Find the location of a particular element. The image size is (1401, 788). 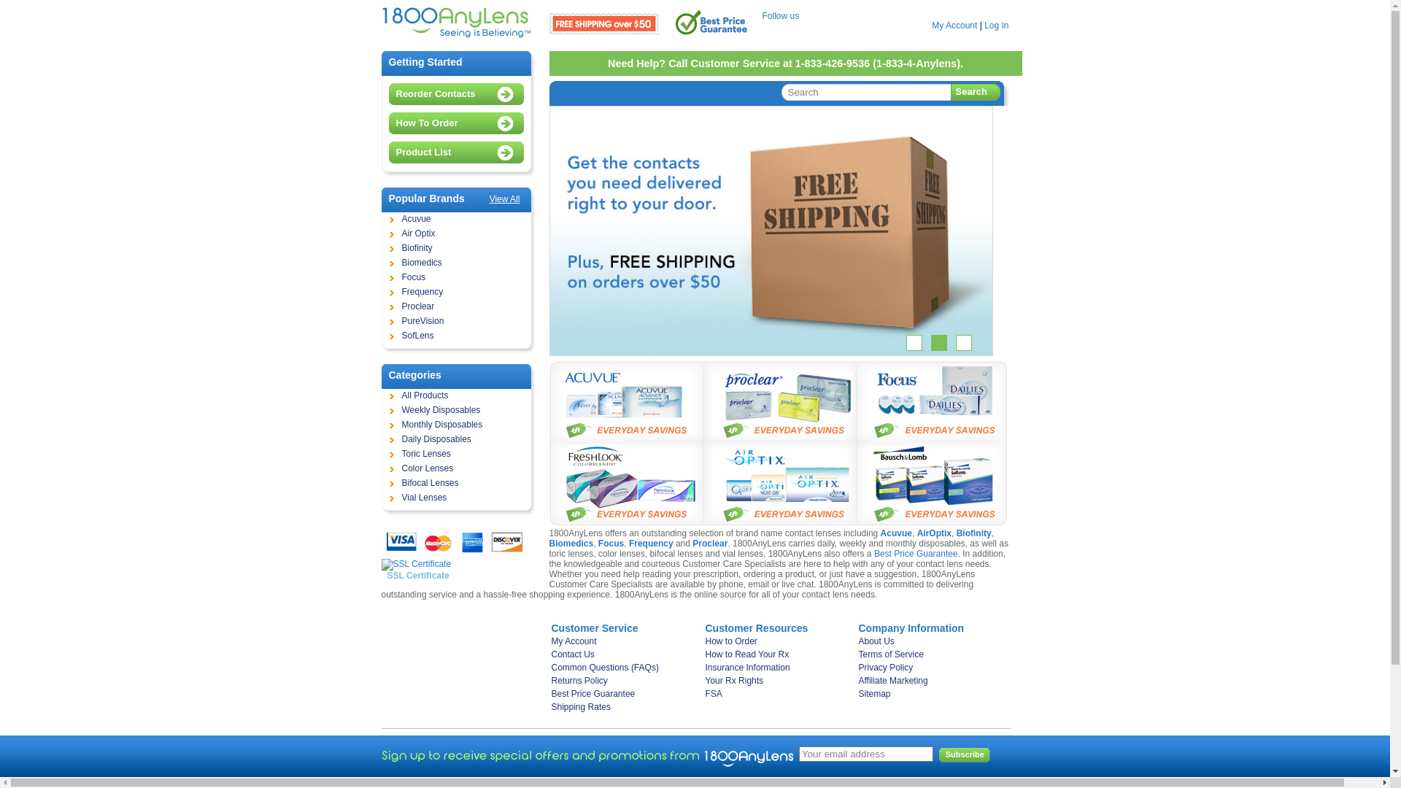

'AirOptix' is located at coordinates (934, 533).